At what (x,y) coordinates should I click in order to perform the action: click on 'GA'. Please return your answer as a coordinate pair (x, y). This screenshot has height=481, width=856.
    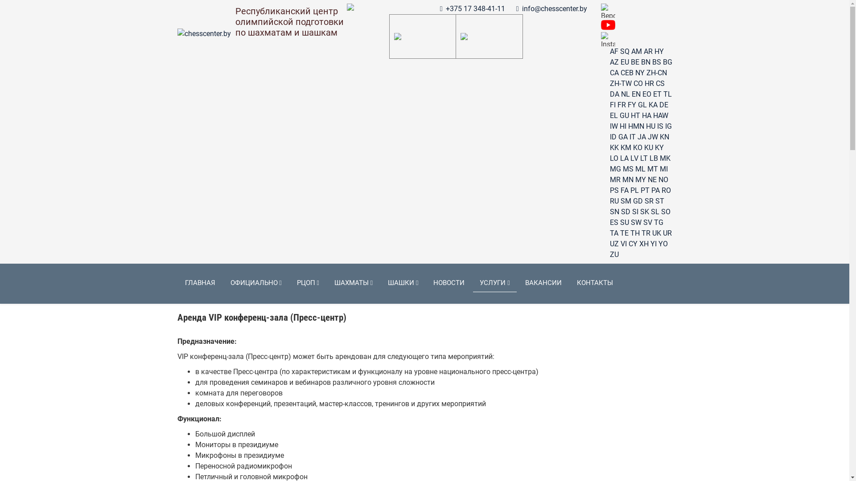
    Looking at the image, I should click on (622, 137).